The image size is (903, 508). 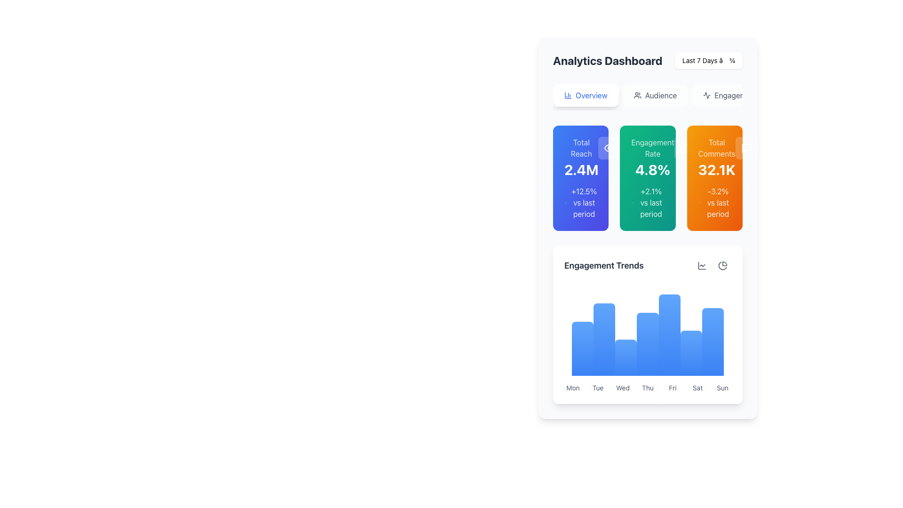 What do you see at coordinates (581, 170) in the screenshot?
I see `the Numeric display field that shows the total reach metric in the analytics dashboard, located beneath the 'Total Reach' label` at bounding box center [581, 170].